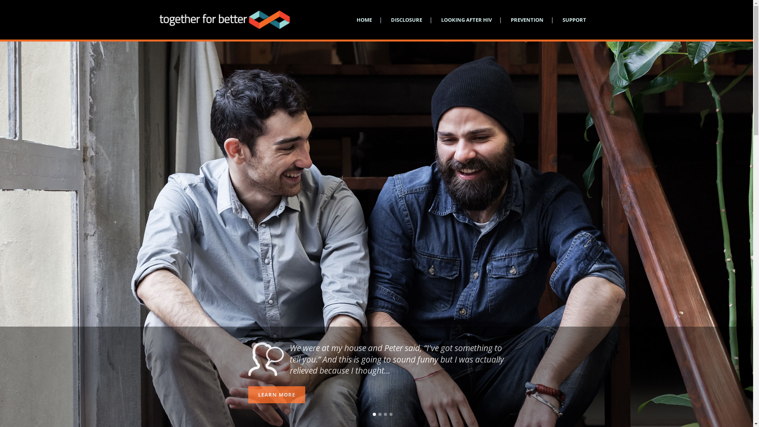  What do you see at coordinates (406, 19) in the screenshot?
I see `'DISCLOSURE'` at bounding box center [406, 19].